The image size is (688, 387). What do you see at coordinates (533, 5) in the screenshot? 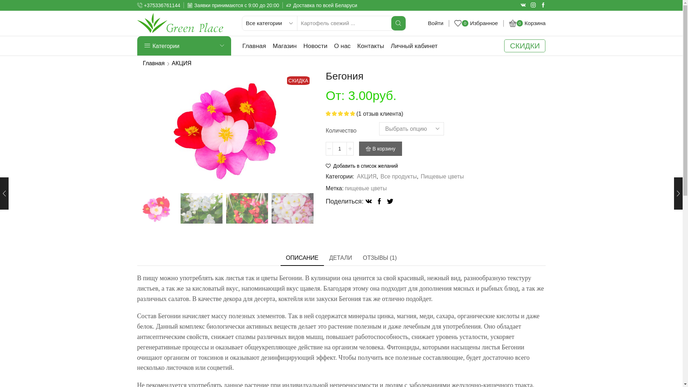
I see `'Instagram'` at bounding box center [533, 5].